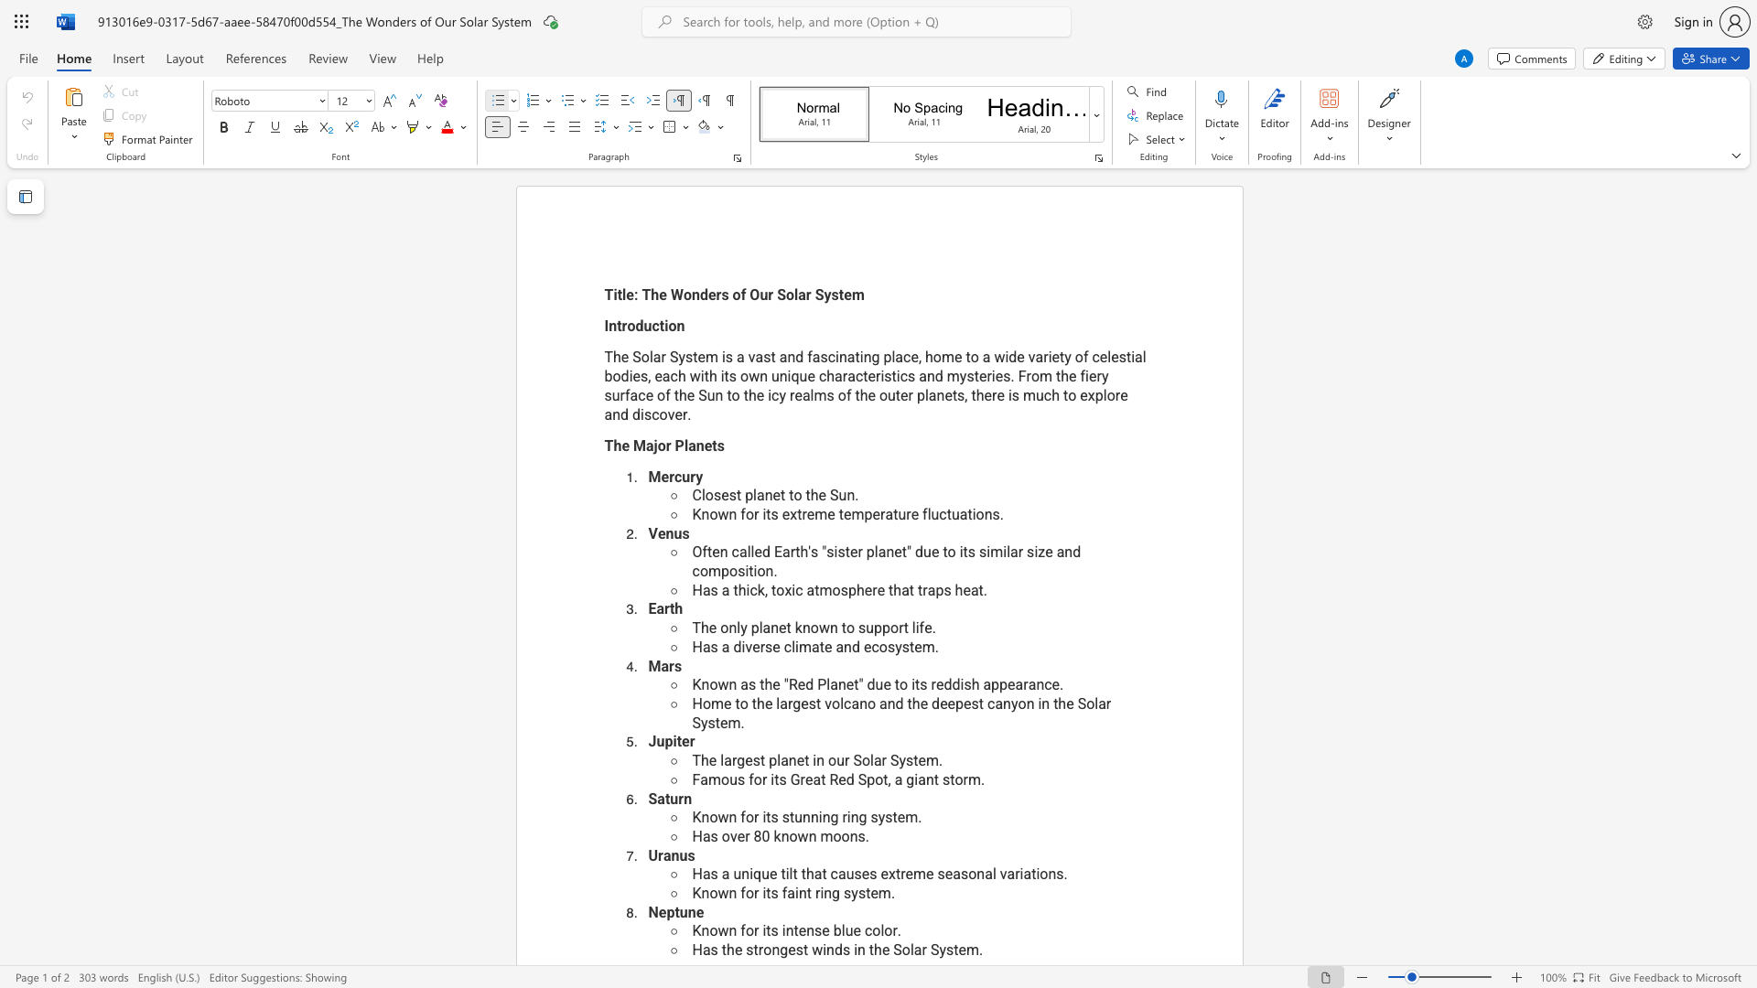  I want to click on the space between the continuous character "a" and "i" in the text, so click(793, 892).